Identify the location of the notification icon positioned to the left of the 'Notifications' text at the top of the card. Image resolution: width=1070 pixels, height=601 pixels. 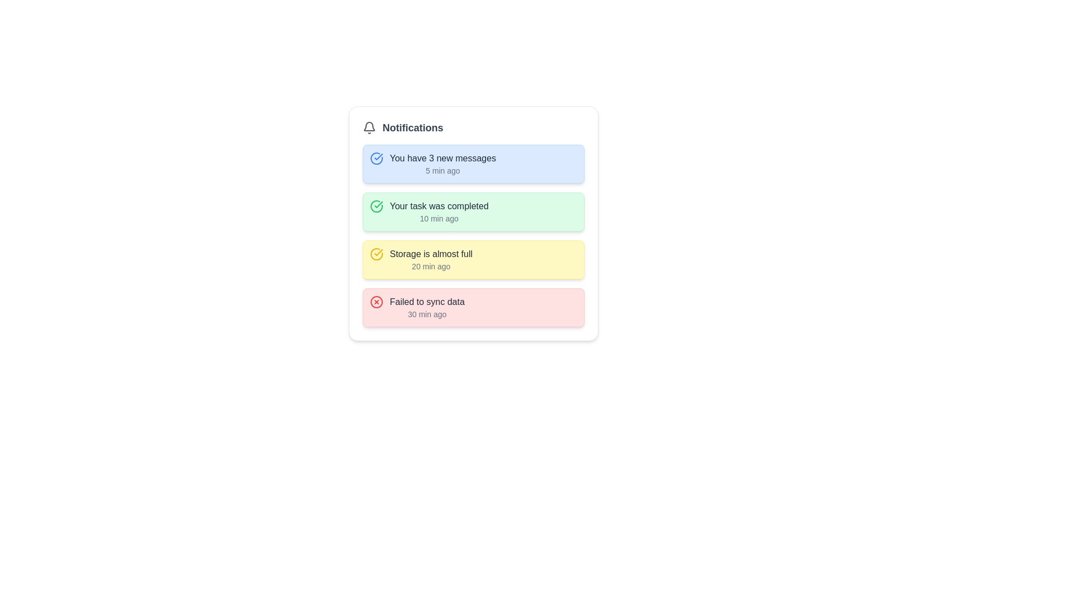
(369, 127).